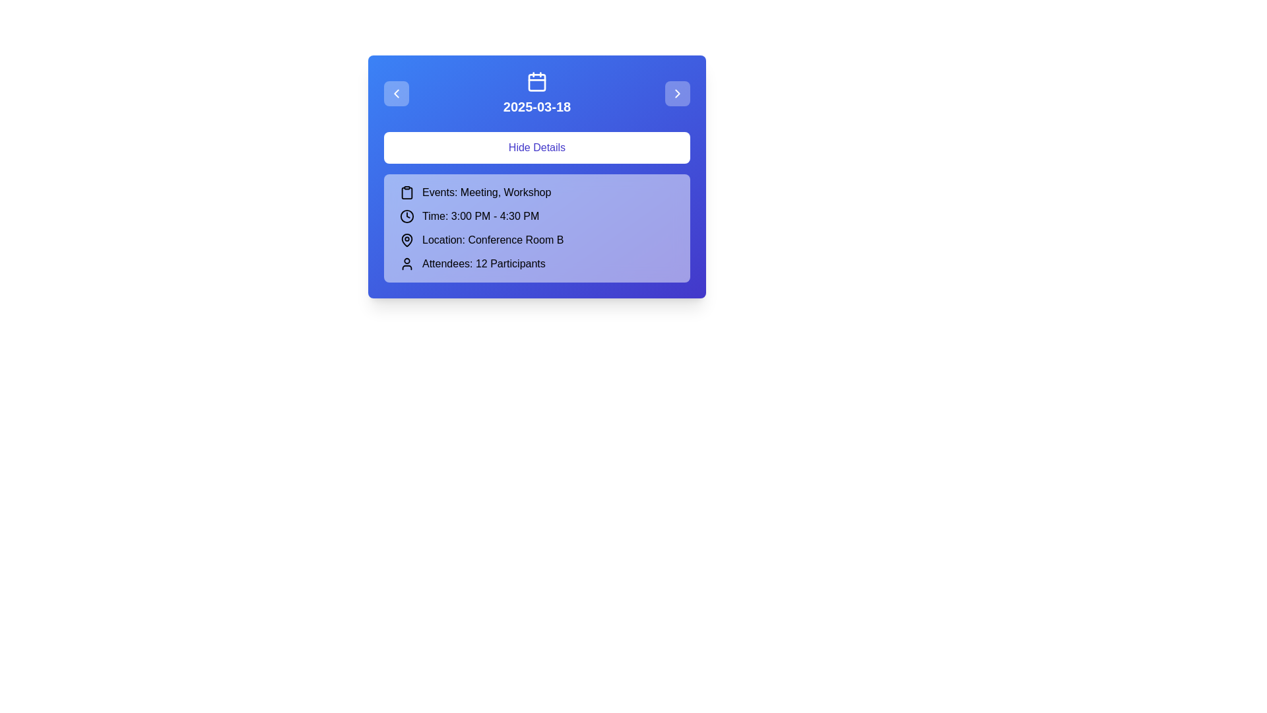  What do you see at coordinates (678, 93) in the screenshot?
I see `the small rightward arrow icon button located in the top-right corner of the section containing the date '2025-03-18'` at bounding box center [678, 93].